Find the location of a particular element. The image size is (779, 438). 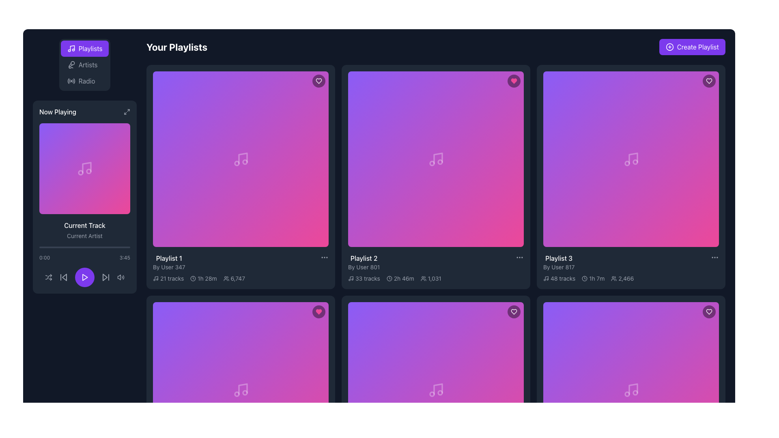

the triangular play icon within the bottom right card of the playlist grid is located at coordinates (436, 389).